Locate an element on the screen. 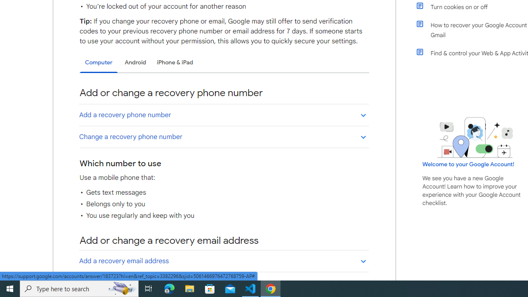 The width and height of the screenshot is (528, 297). 'Learning Center home page image' is located at coordinates (475, 137).